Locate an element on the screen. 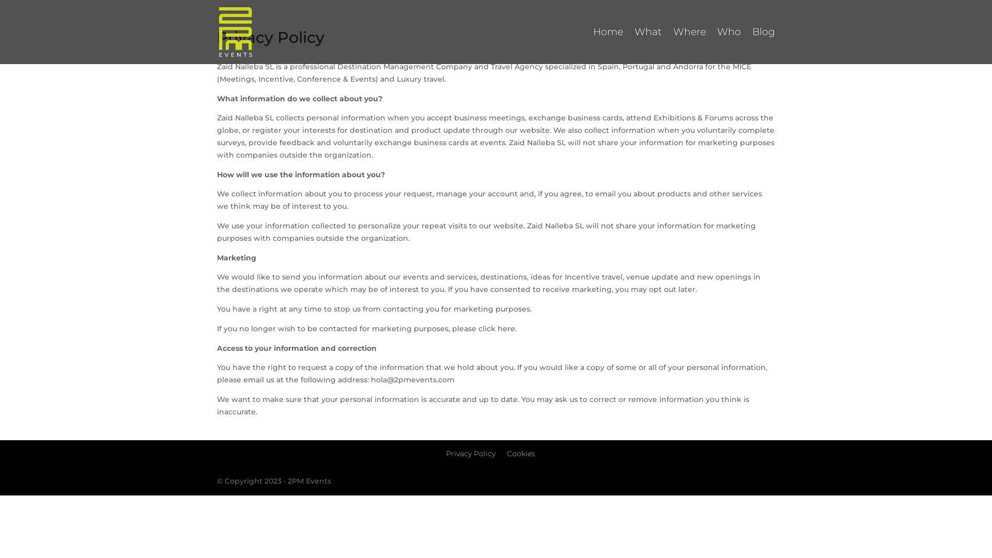 The height and width of the screenshot is (558, 992). 'Privacy Policy' is located at coordinates (470, 453).